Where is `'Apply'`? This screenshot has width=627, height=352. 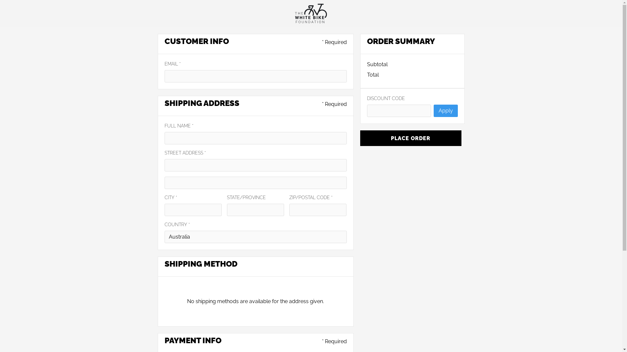 'Apply' is located at coordinates (445, 110).